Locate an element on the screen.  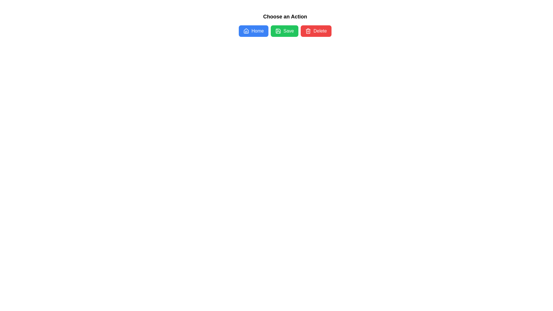
the green 'Save' button icon, which is the second button in a group of three buttons (Home, Save, Delete) and has a textual label 'Save' is located at coordinates (278, 31).